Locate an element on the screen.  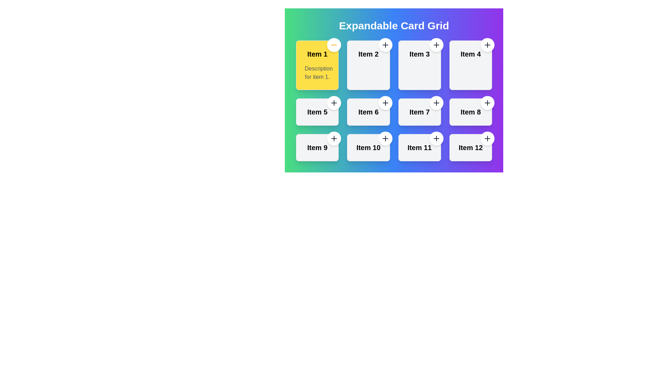
the text label indicating the title of the second card in the top row of the grid layout, located to the right of the yellow card labeled 'Item 1' is located at coordinates (368, 53).